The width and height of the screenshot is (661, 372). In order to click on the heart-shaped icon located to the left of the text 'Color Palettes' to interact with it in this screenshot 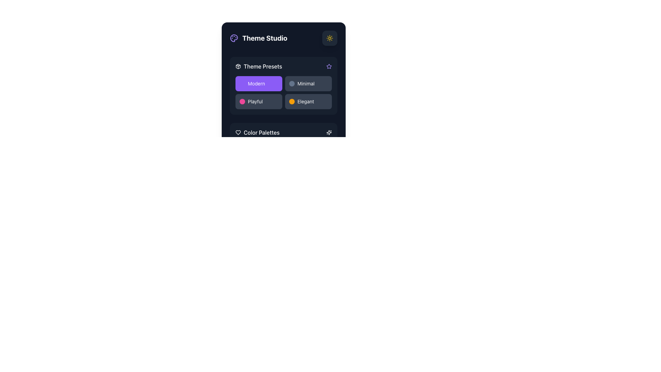, I will do `click(238, 133)`.